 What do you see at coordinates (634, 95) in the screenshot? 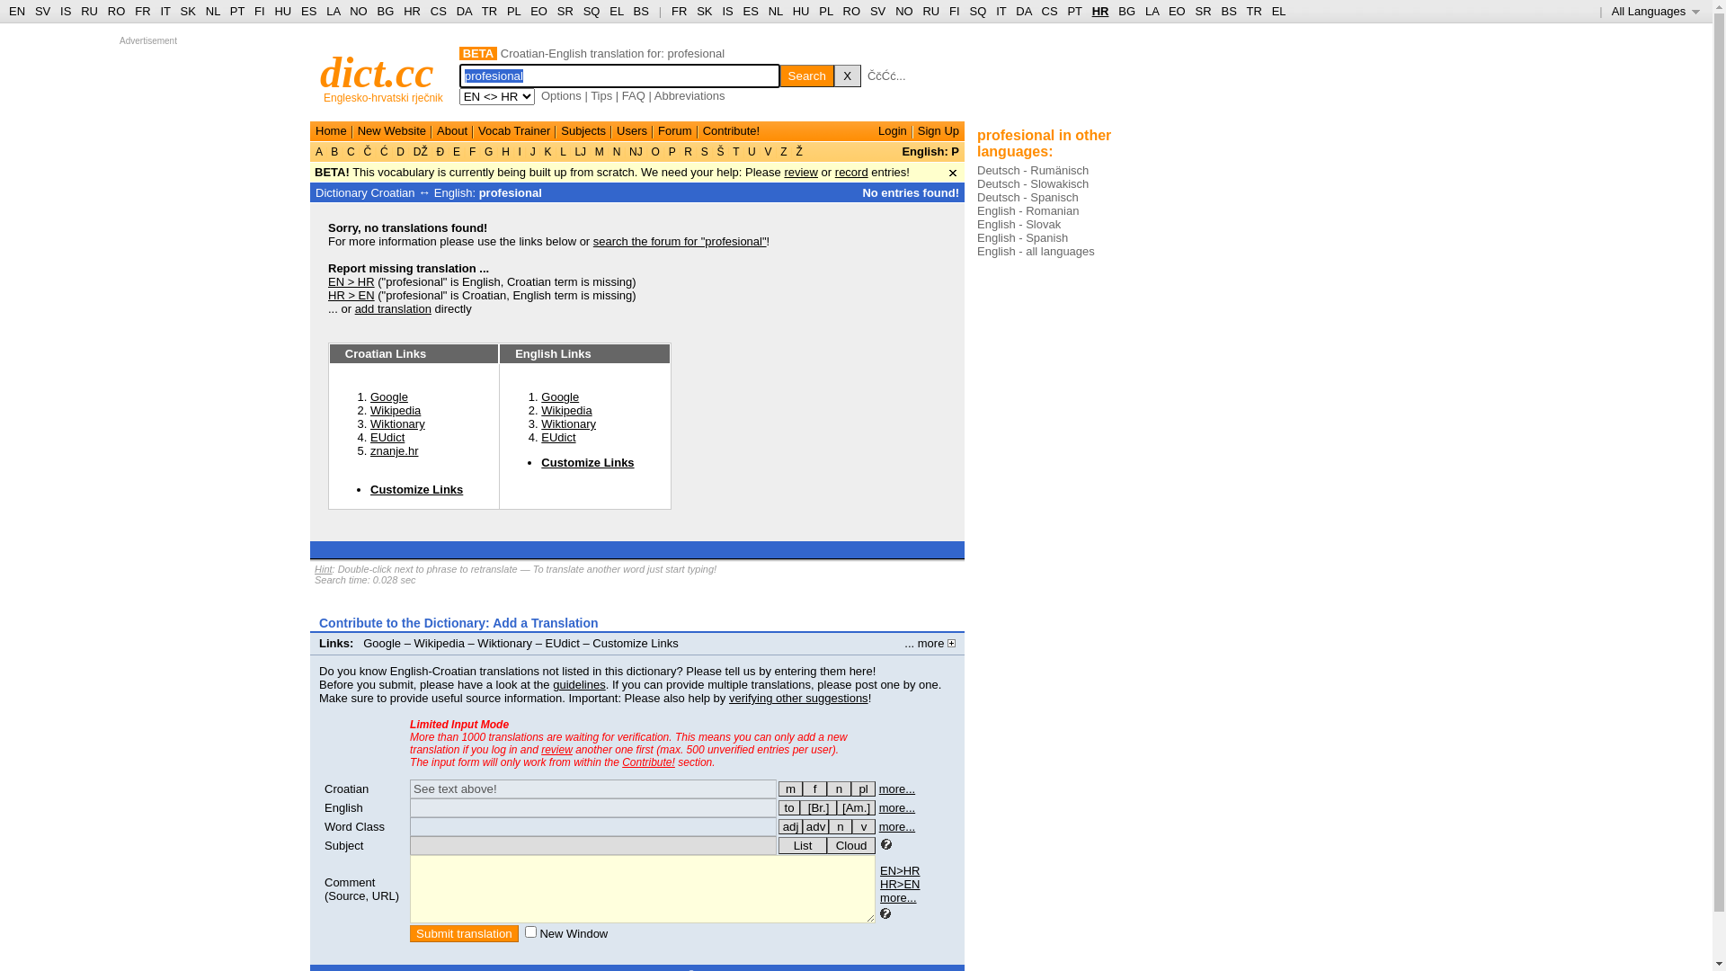
I see `'FAQ'` at bounding box center [634, 95].